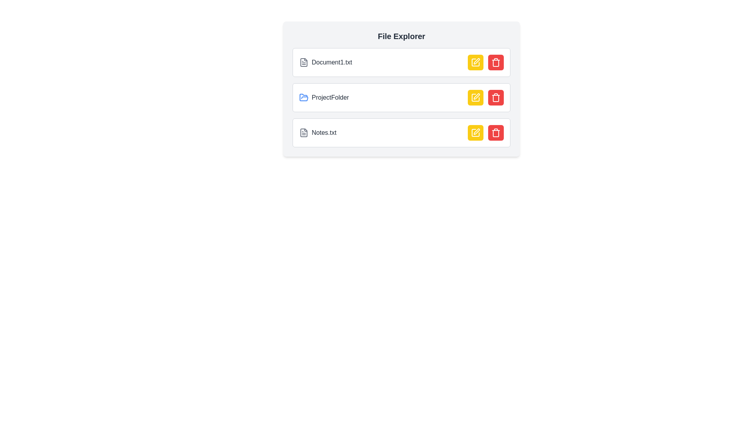  What do you see at coordinates (495, 133) in the screenshot?
I see `the trash can icon representing the delete action in the file management interface to observe tooltips or visual feedback` at bounding box center [495, 133].